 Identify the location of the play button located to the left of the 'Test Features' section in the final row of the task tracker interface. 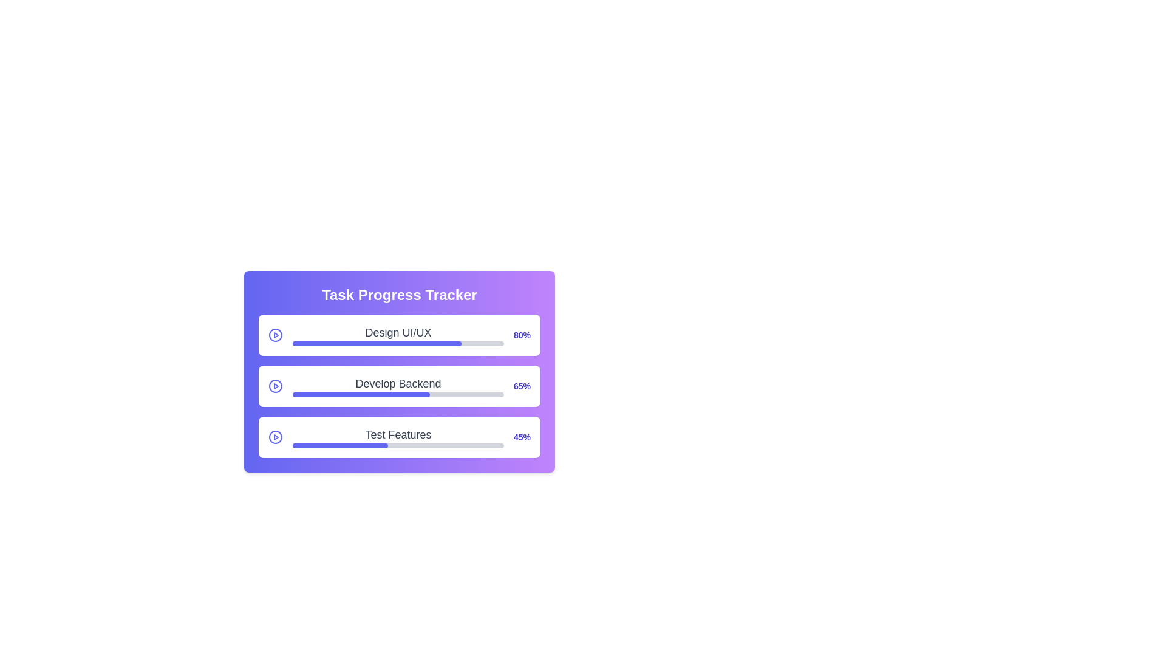
(275, 437).